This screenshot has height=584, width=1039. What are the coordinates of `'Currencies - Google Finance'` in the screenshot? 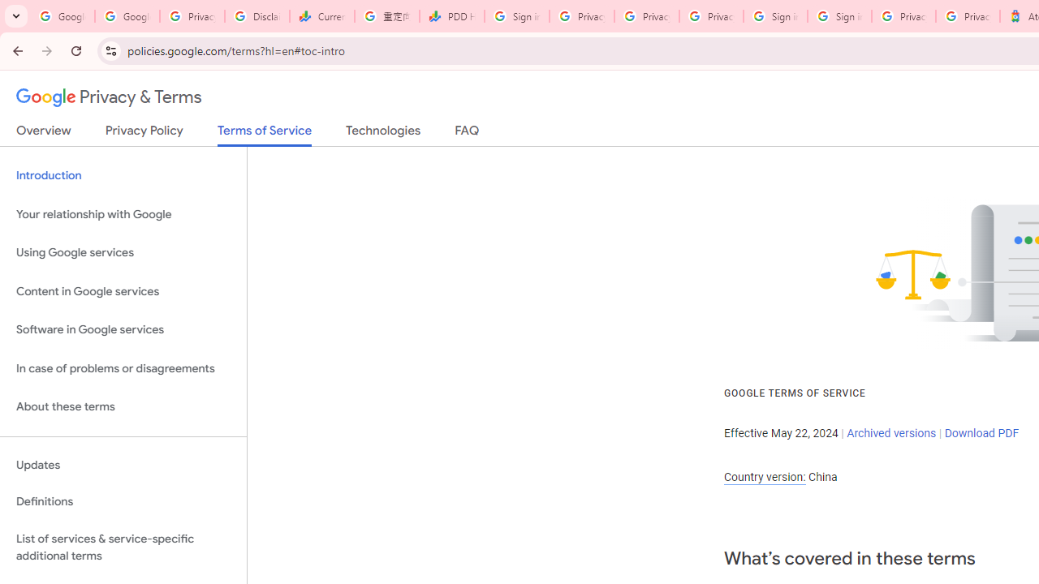 It's located at (321, 16).